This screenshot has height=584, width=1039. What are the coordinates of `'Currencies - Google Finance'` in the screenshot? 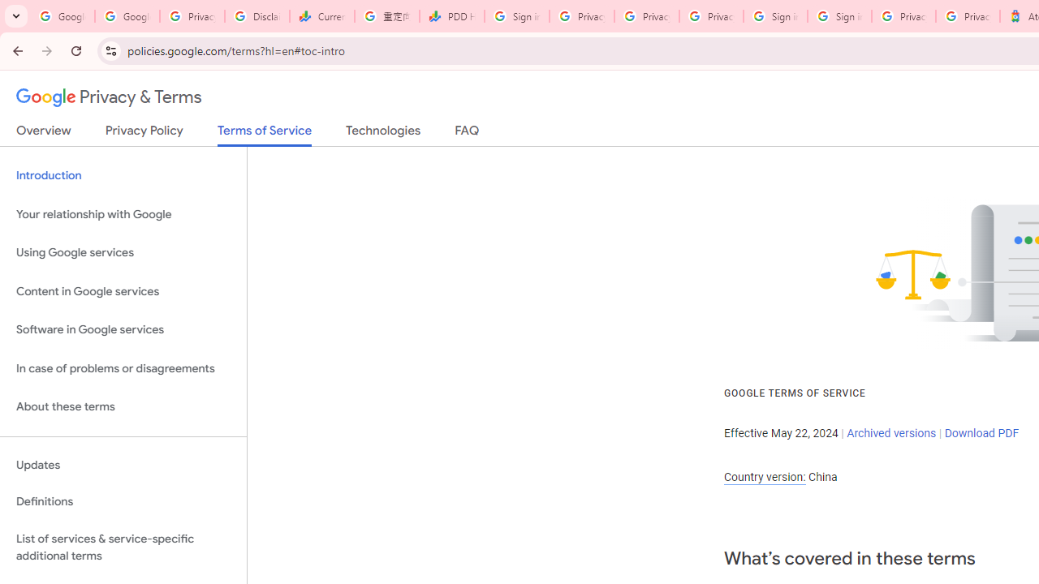 It's located at (321, 16).